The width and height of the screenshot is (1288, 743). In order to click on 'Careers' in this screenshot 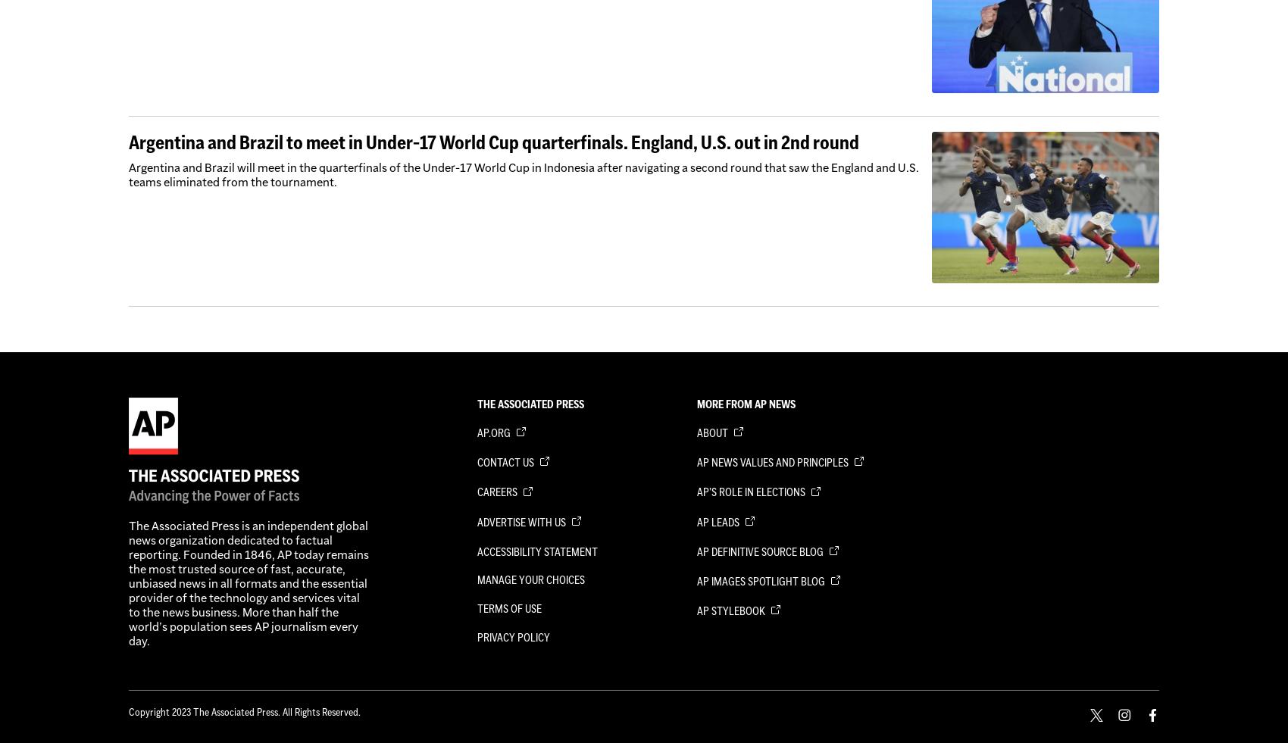, I will do `click(477, 492)`.